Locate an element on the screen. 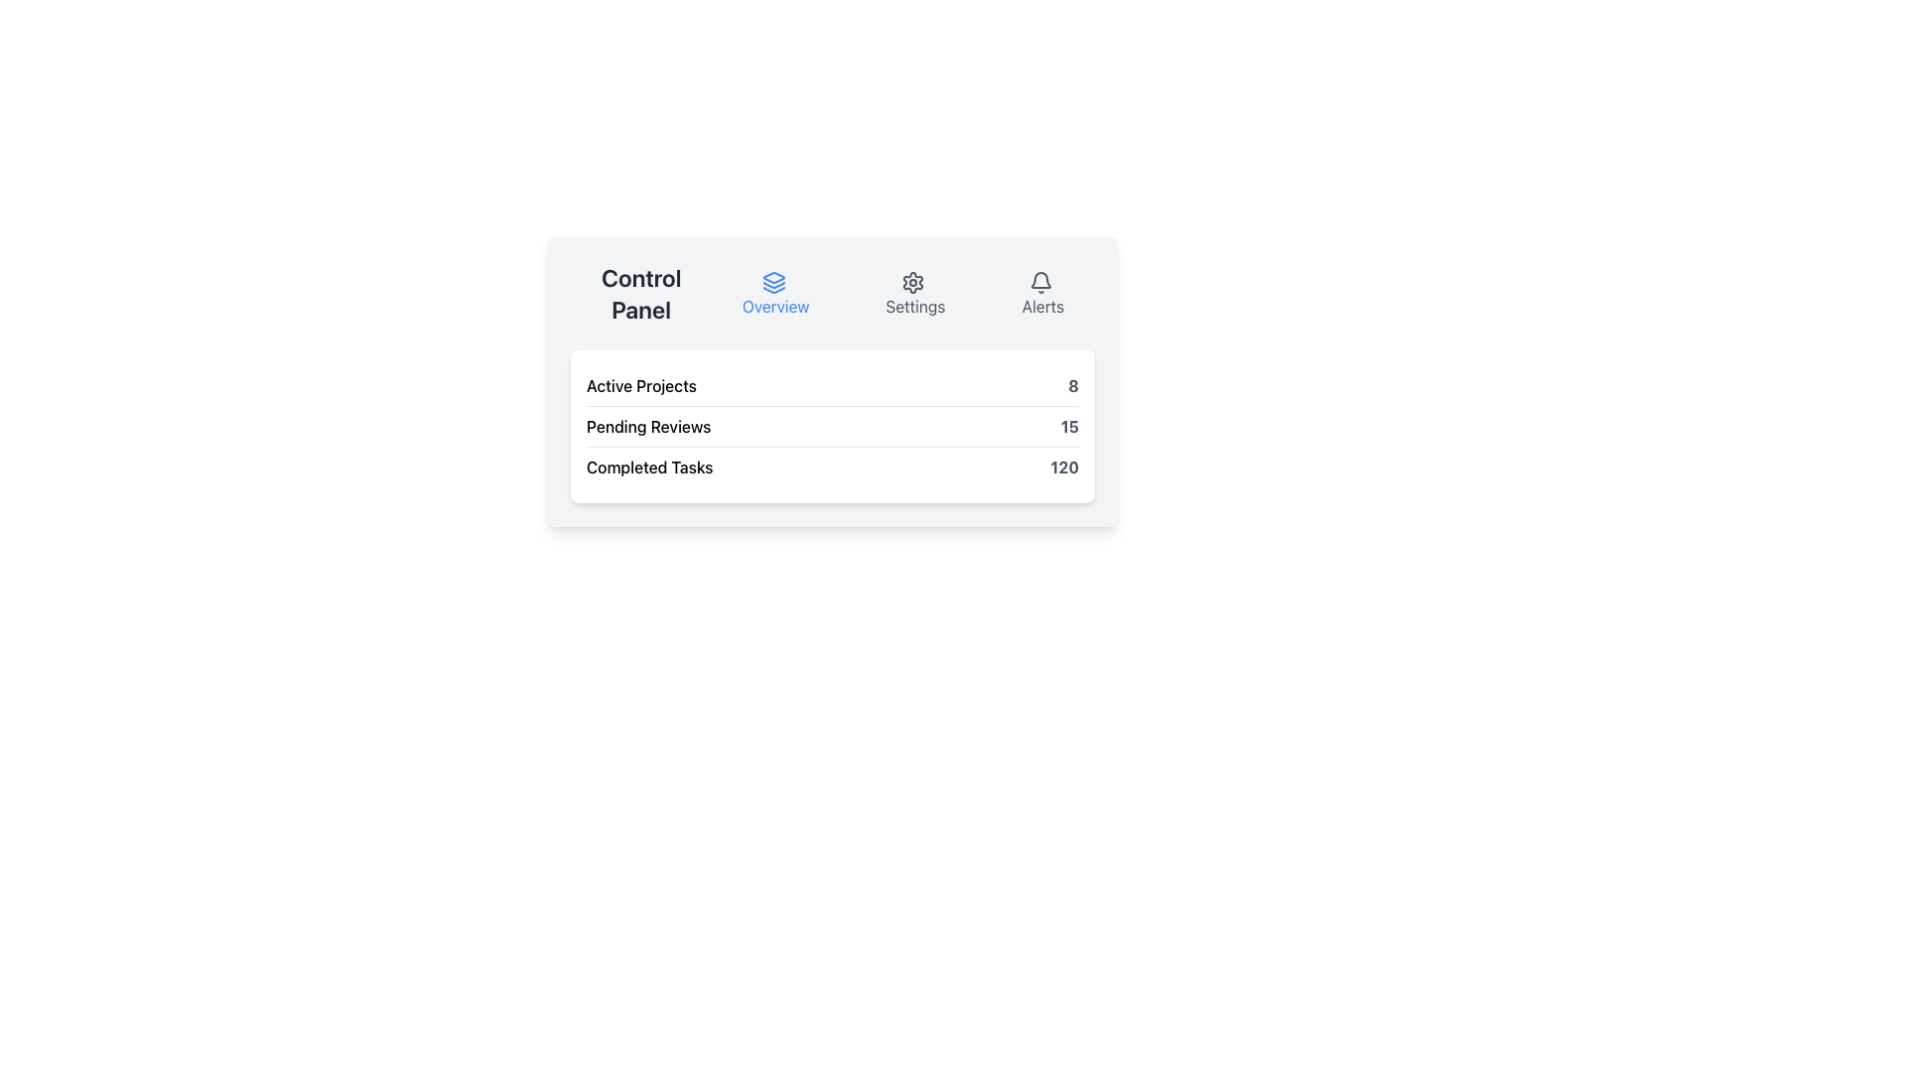 Image resolution: width=1906 pixels, height=1072 pixels. the 'Settings' button with a gear icon is located at coordinates (914, 293).